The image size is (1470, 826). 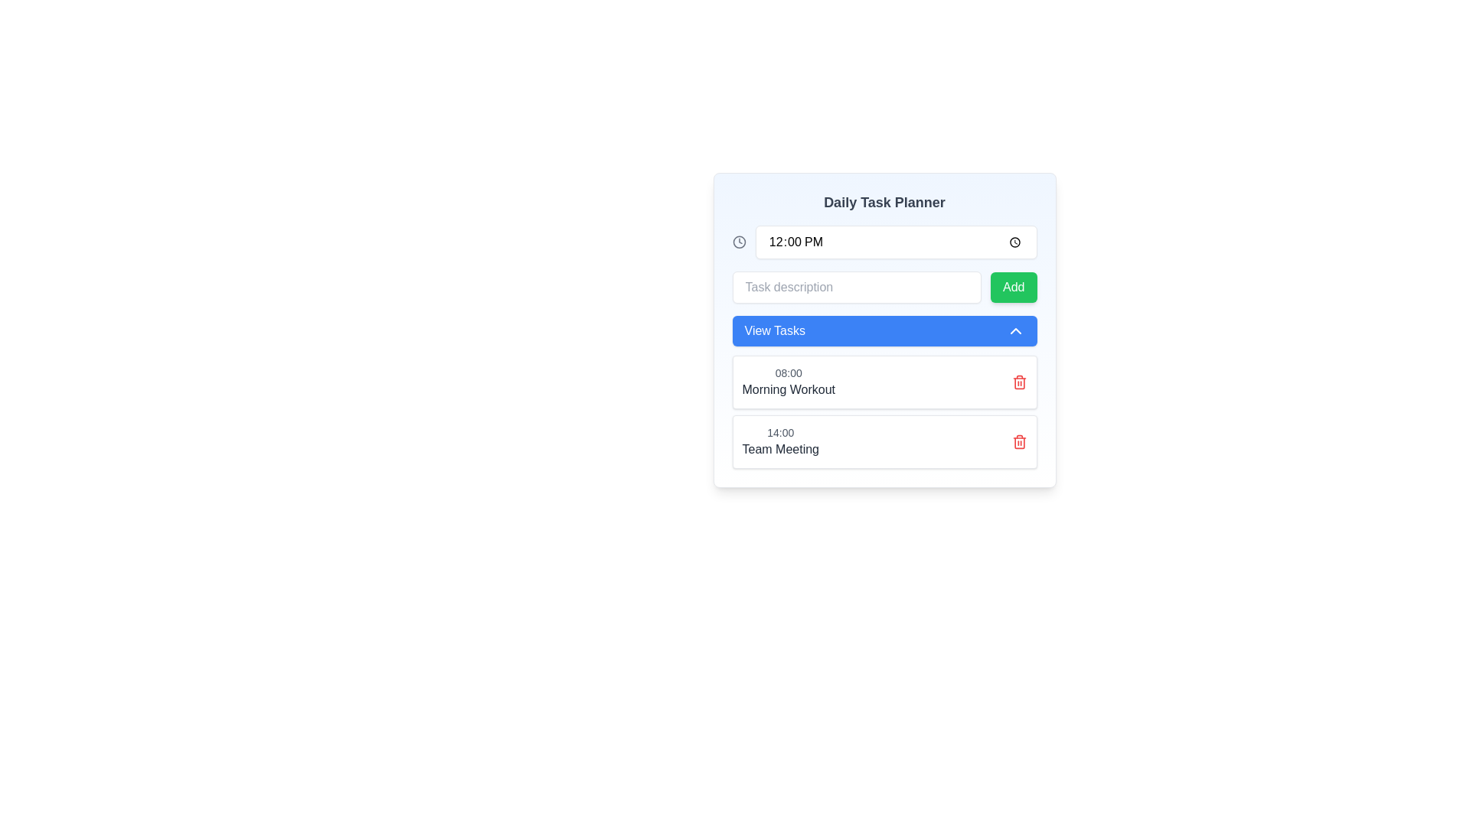 I want to click on the upward-pointing chevron arrow icon, which is white and located to the right of the blue 'View Tasks' button, so click(x=1015, y=330).